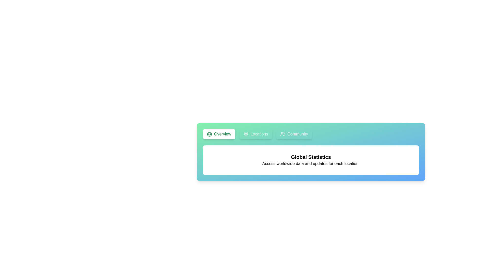  What do you see at coordinates (294, 134) in the screenshot?
I see `the 'Community' tab to switch to its content view` at bounding box center [294, 134].